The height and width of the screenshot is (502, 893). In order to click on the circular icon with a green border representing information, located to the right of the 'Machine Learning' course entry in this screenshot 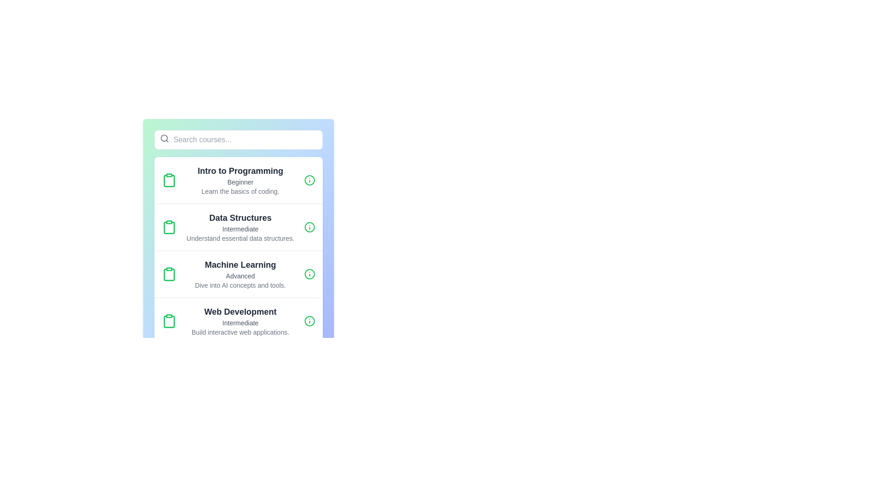, I will do `click(310, 274)`.